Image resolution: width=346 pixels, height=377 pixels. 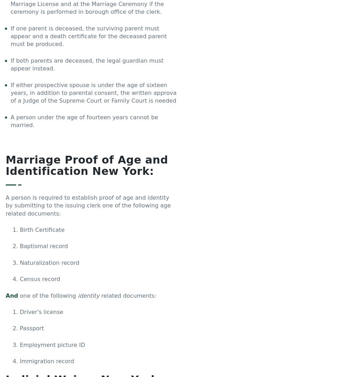 I want to click on 'identity', so click(x=88, y=295).